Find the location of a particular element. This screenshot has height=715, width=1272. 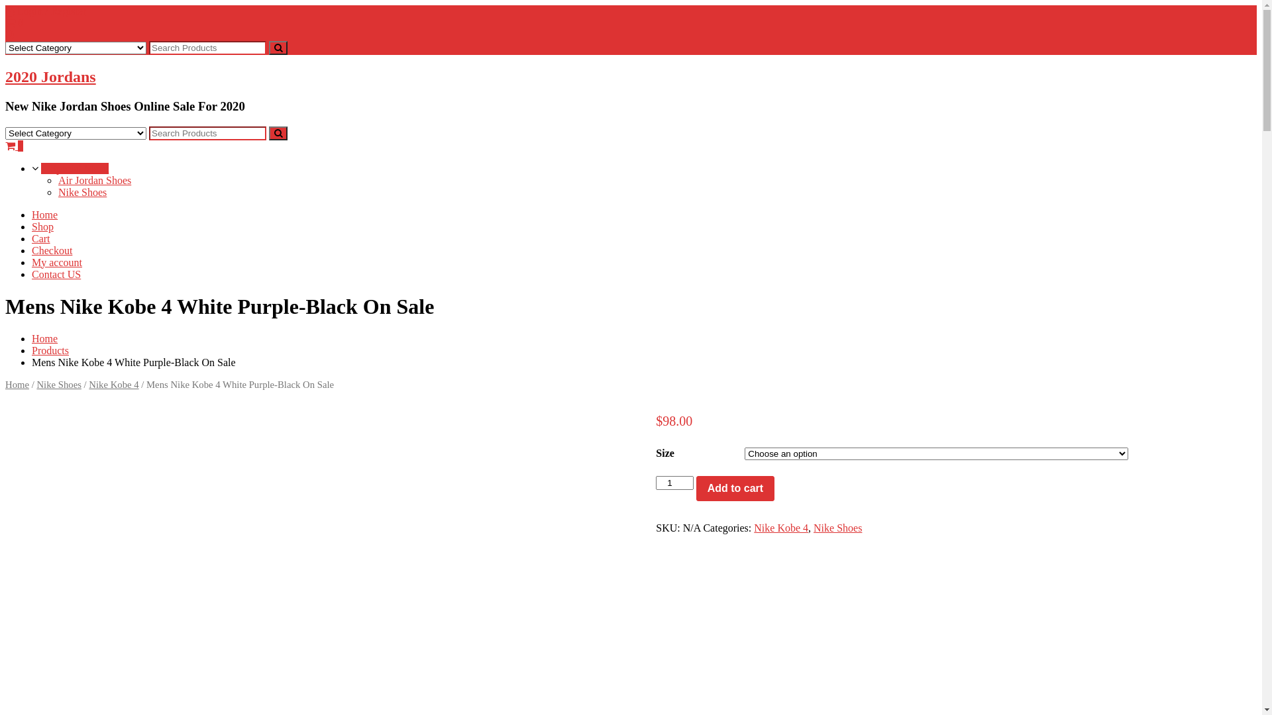

'Add to cart' is located at coordinates (734, 488).